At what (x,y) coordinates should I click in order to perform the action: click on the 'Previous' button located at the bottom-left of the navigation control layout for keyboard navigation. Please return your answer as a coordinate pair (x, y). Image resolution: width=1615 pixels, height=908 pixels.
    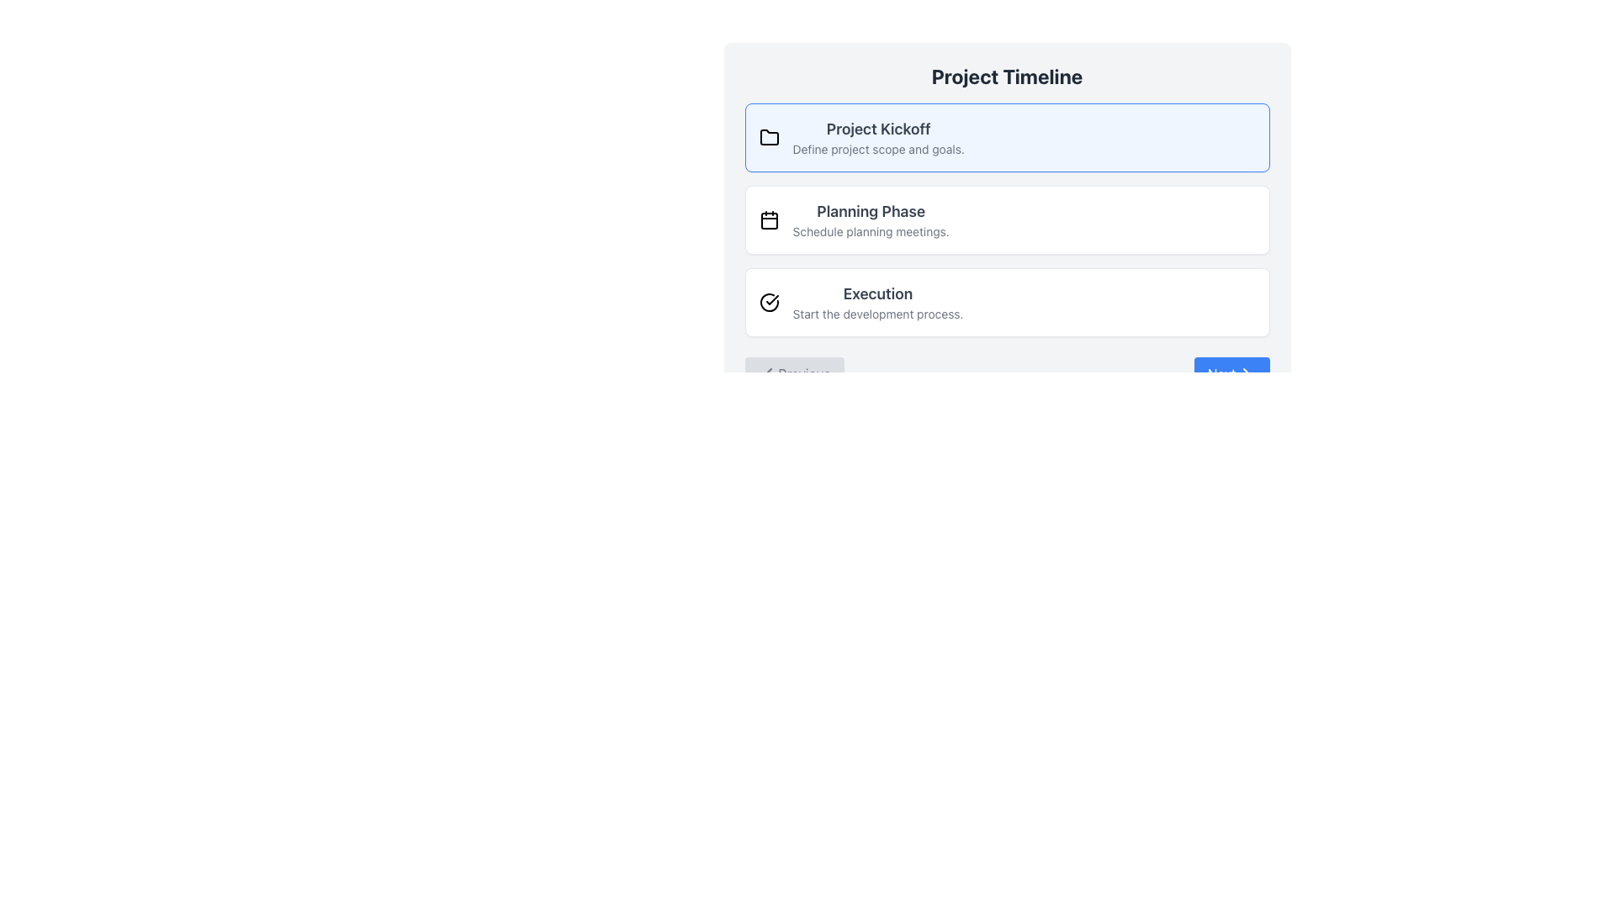
    Looking at the image, I should click on (793, 372).